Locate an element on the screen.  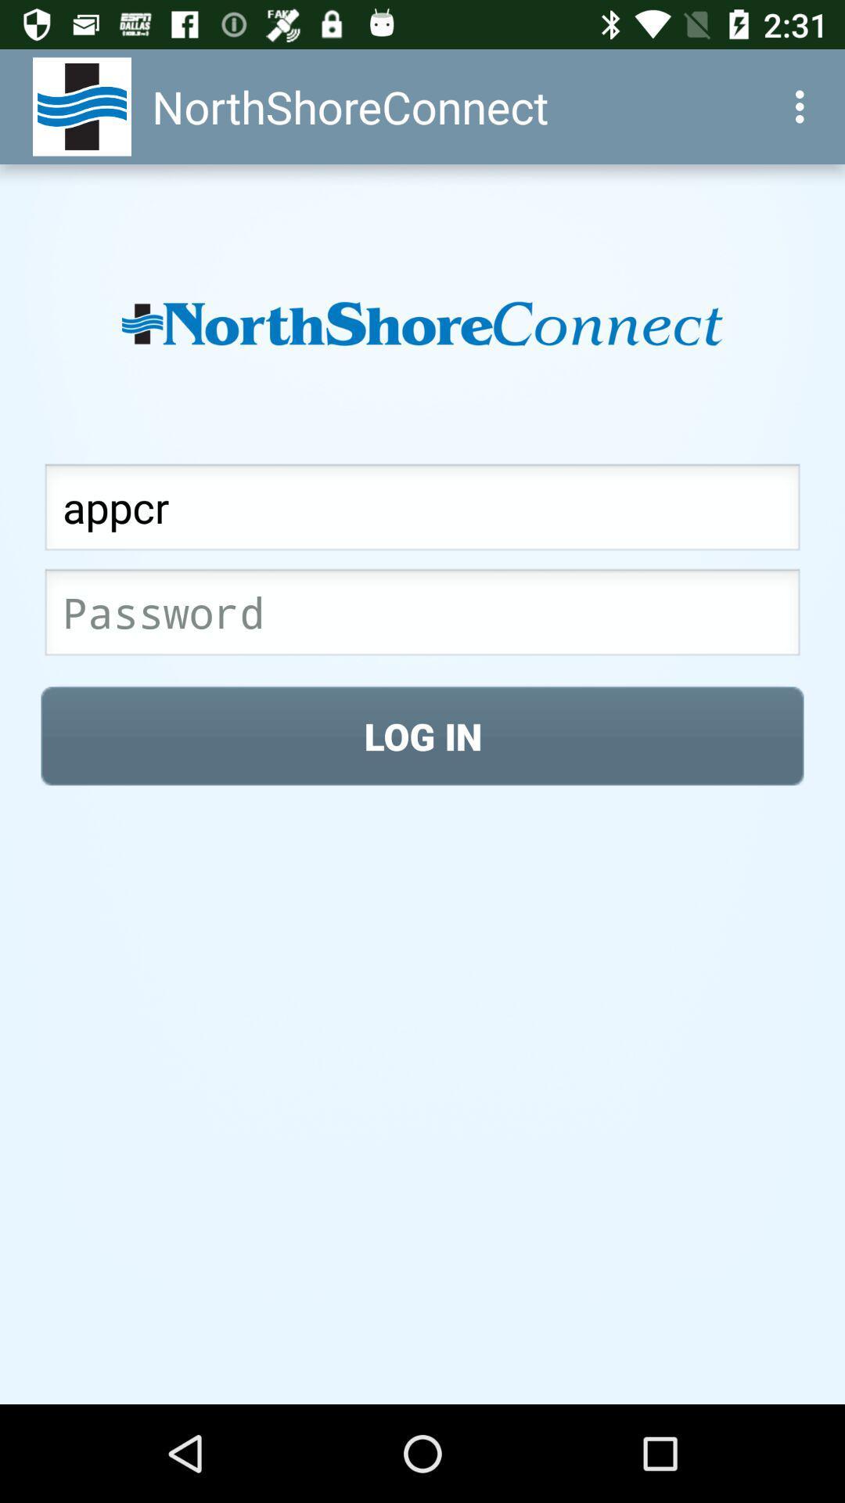
the icon to the right of northshoreconnect icon is located at coordinates (804, 106).